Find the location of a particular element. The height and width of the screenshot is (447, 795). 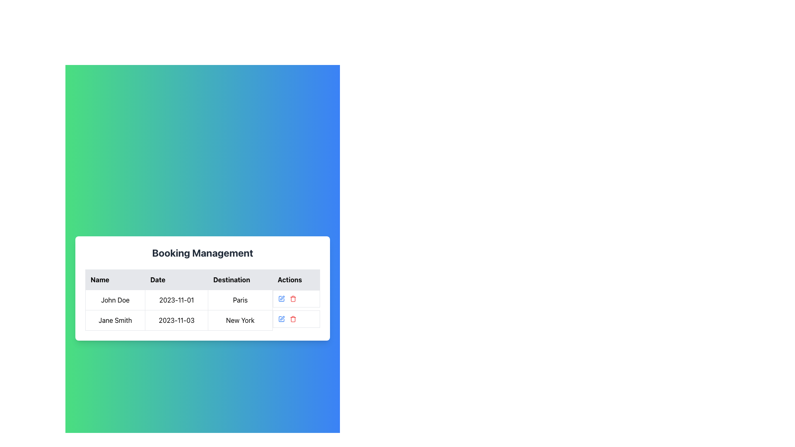

the second Vector icon in the 'Actions' column of the booking details row for 'Jane Smith', which represents an editing action is located at coordinates (282, 317).